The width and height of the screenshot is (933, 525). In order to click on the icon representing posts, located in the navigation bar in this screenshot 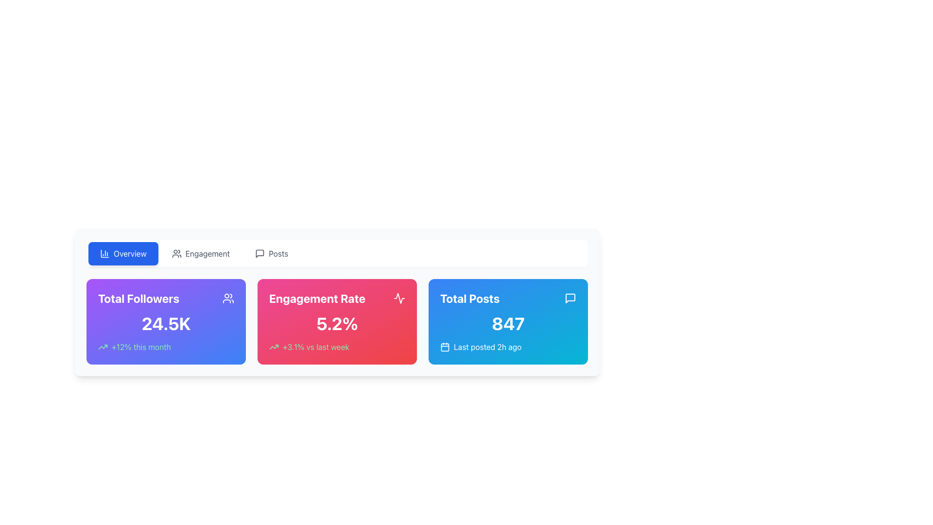, I will do `click(260, 253)`.